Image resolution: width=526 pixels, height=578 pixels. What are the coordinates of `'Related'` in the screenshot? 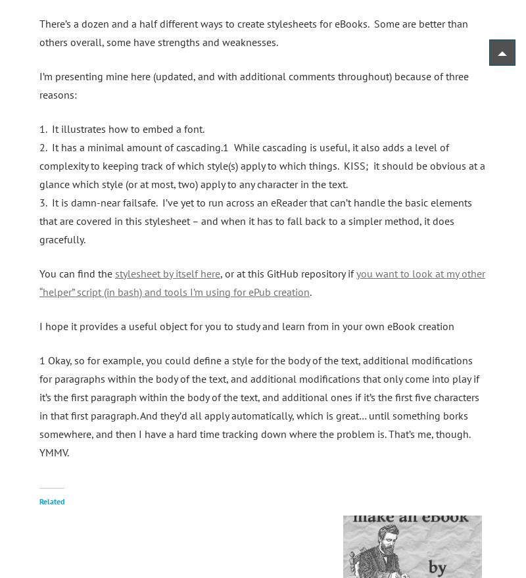 It's located at (52, 500).